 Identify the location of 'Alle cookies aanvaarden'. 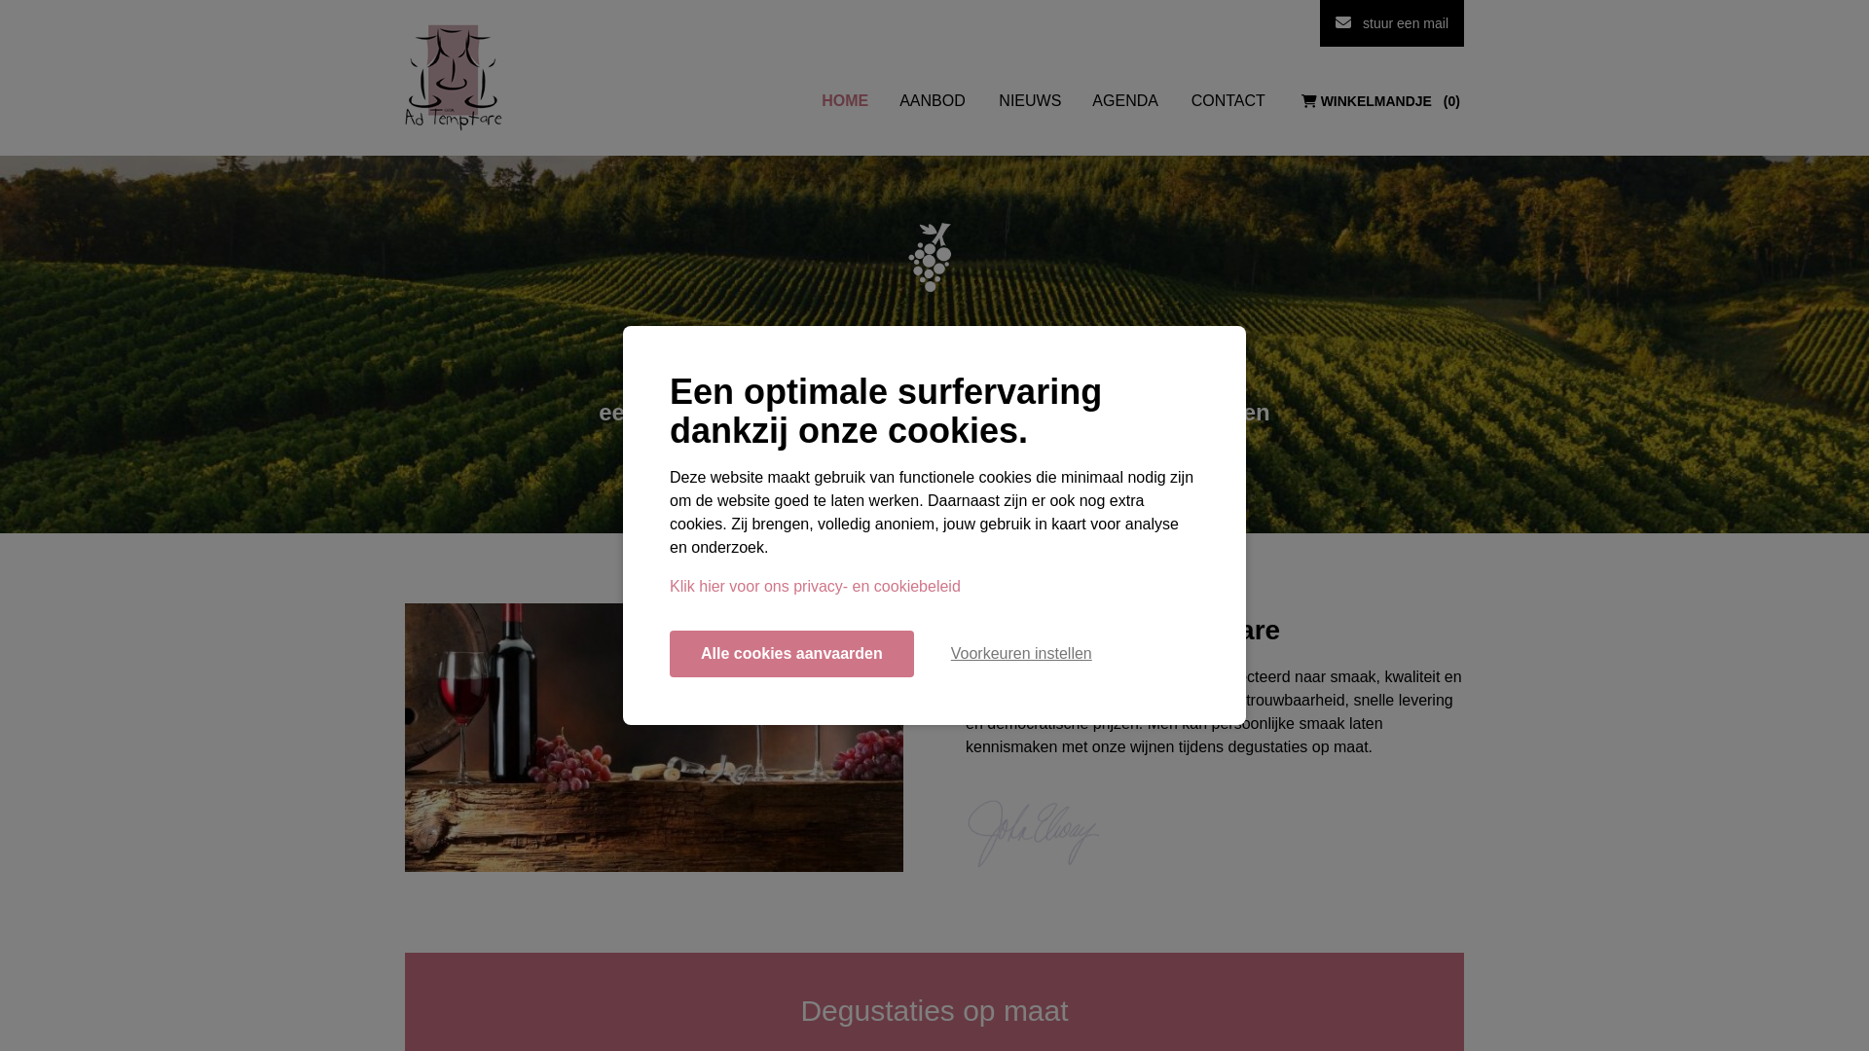
(791, 653).